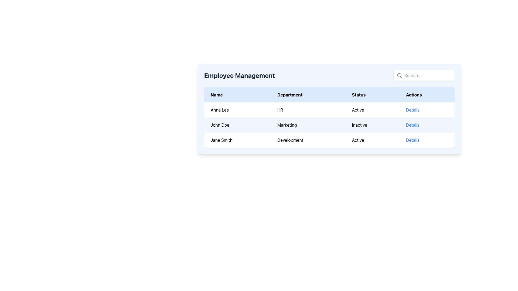 The width and height of the screenshot is (518, 291). Describe the element at coordinates (412, 140) in the screenshot. I see `the hyperlink for employee 'Jane Smith' in the 'Actions' column of the 'Employee Management' table` at that location.